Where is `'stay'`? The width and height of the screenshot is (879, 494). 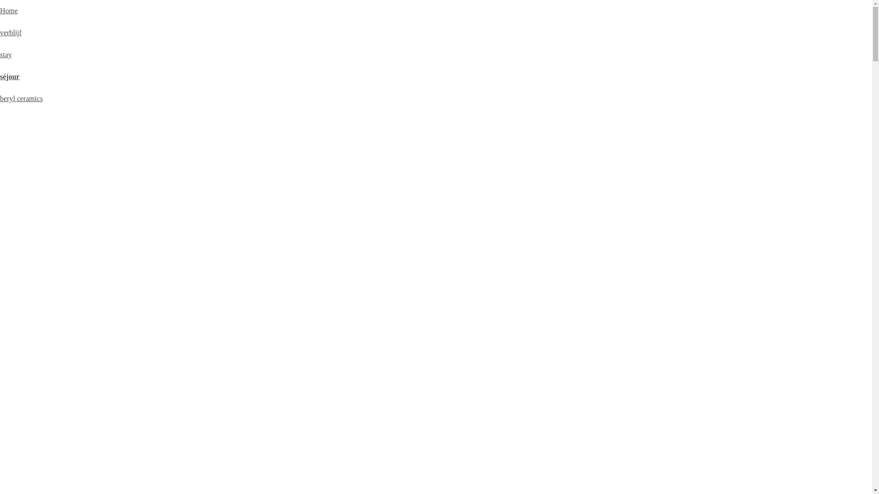
'stay' is located at coordinates (6, 54).